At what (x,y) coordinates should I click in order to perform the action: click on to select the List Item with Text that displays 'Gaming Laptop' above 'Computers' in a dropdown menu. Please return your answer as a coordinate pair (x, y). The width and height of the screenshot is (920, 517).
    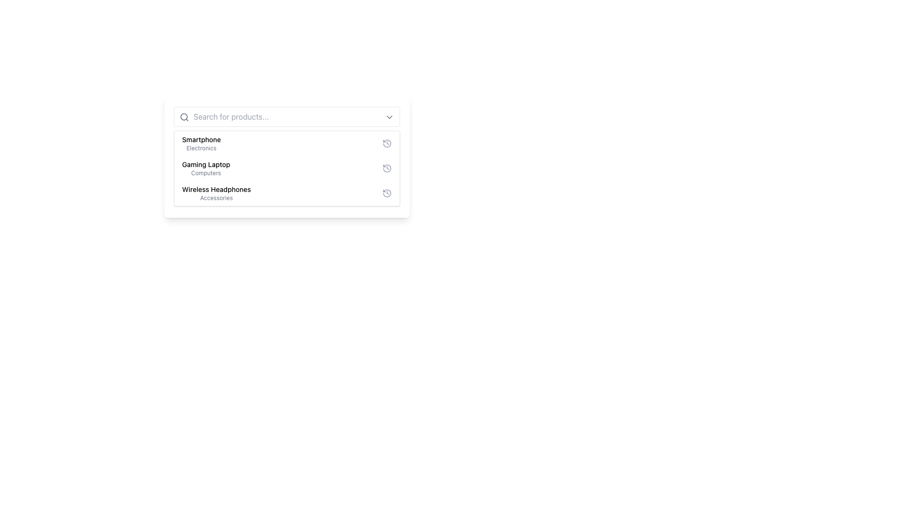
    Looking at the image, I should click on (206, 168).